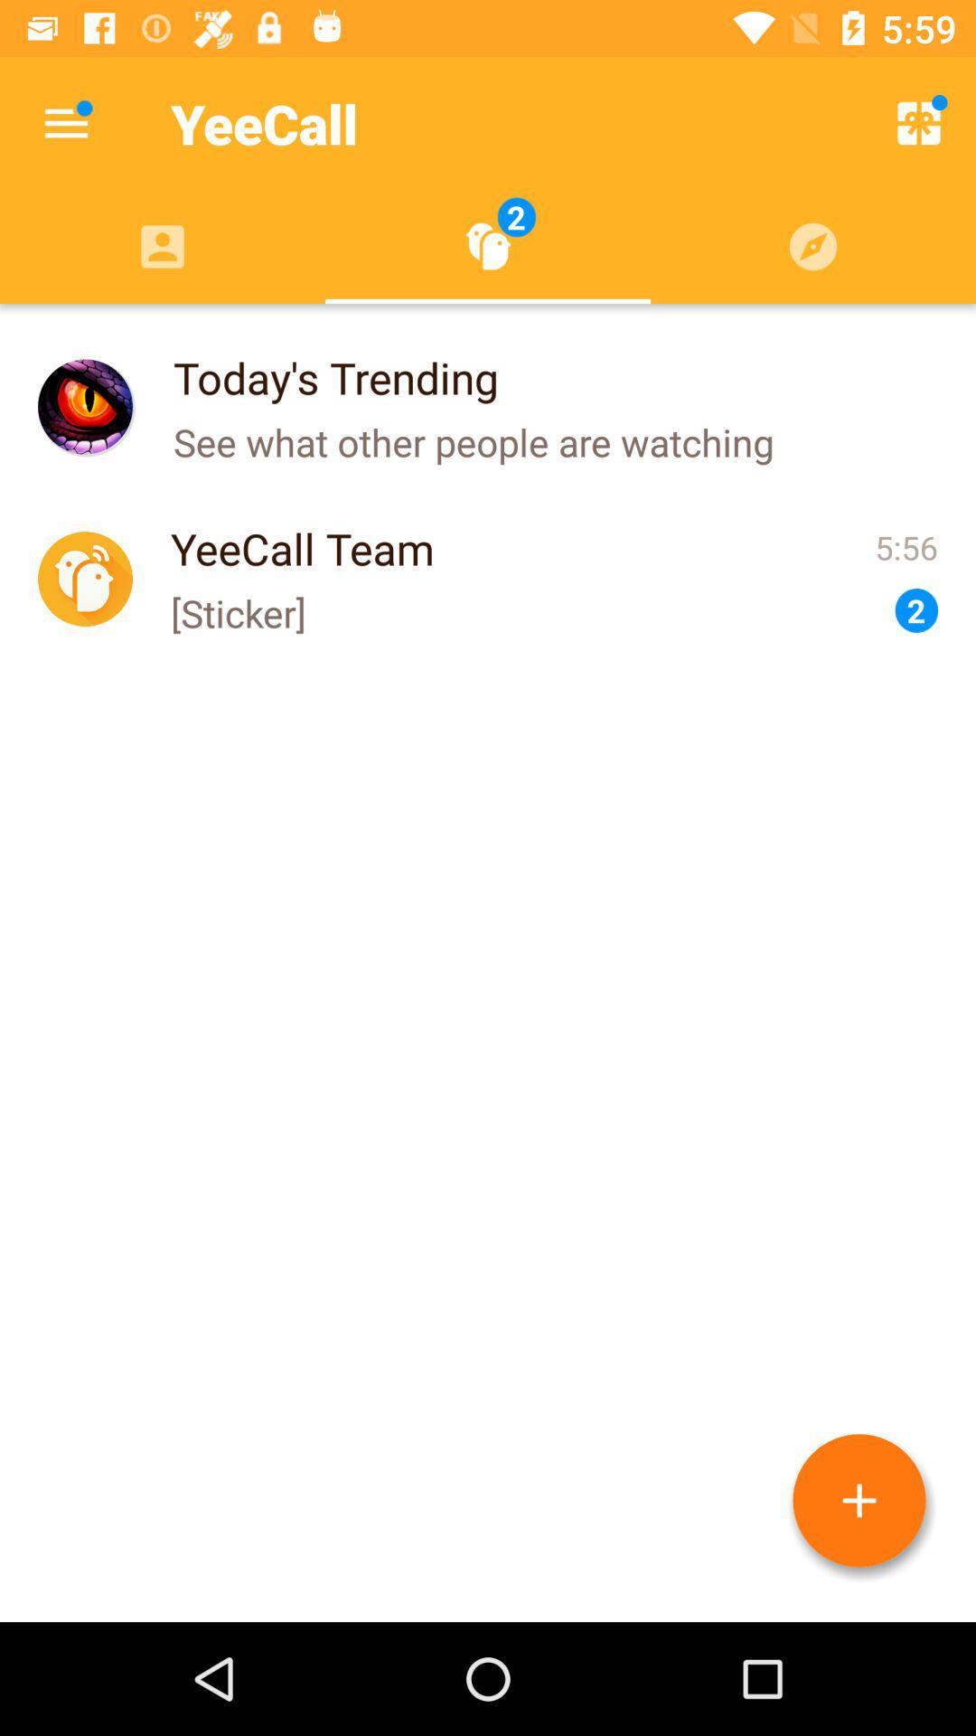  Describe the element at coordinates (859, 1500) in the screenshot. I see `the add icon` at that location.